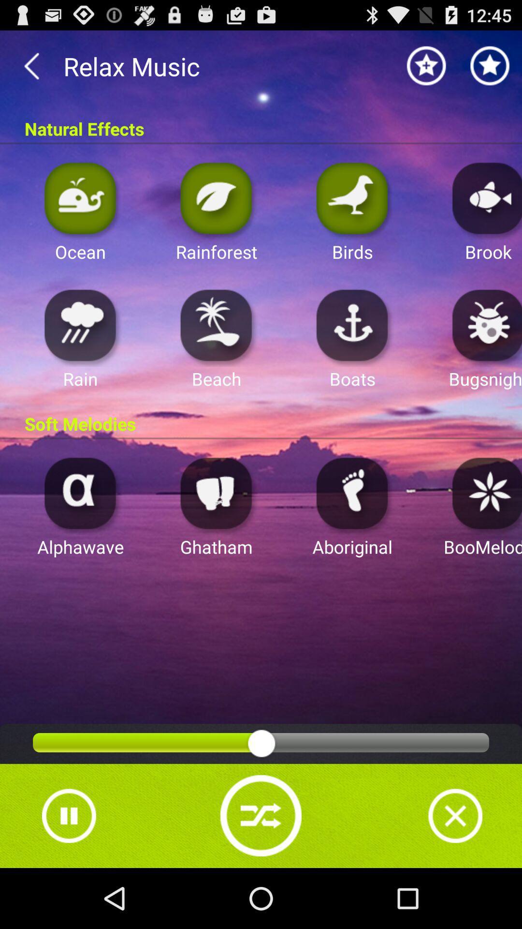 Image resolution: width=522 pixels, height=929 pixels. What do you see at coordinates (490, 65) in the screenshot?
I see `to favorites` at bounding box center [490, 65].